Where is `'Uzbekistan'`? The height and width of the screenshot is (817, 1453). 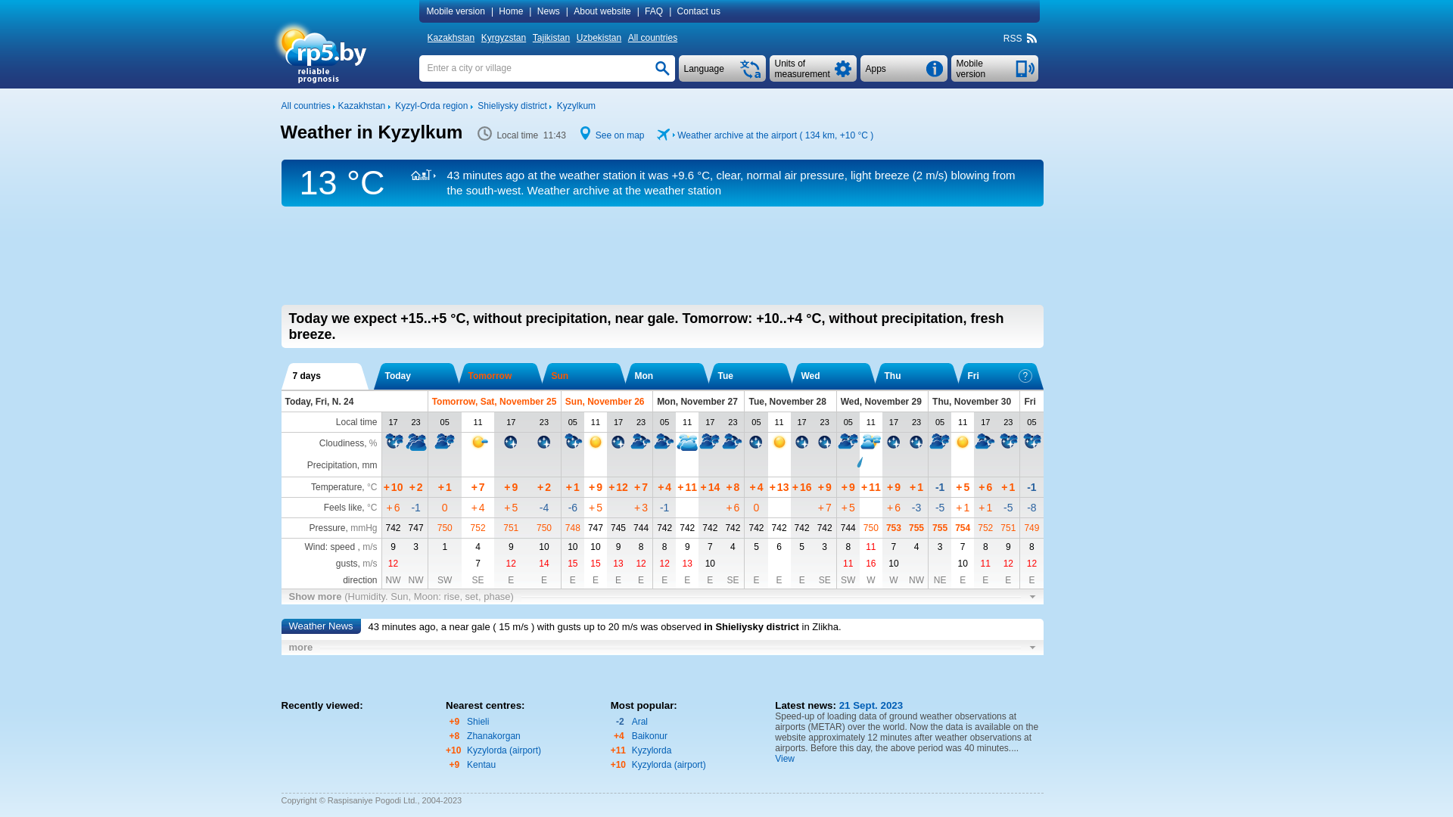
'Uzbekistan' is located at coordinates (599, 37).